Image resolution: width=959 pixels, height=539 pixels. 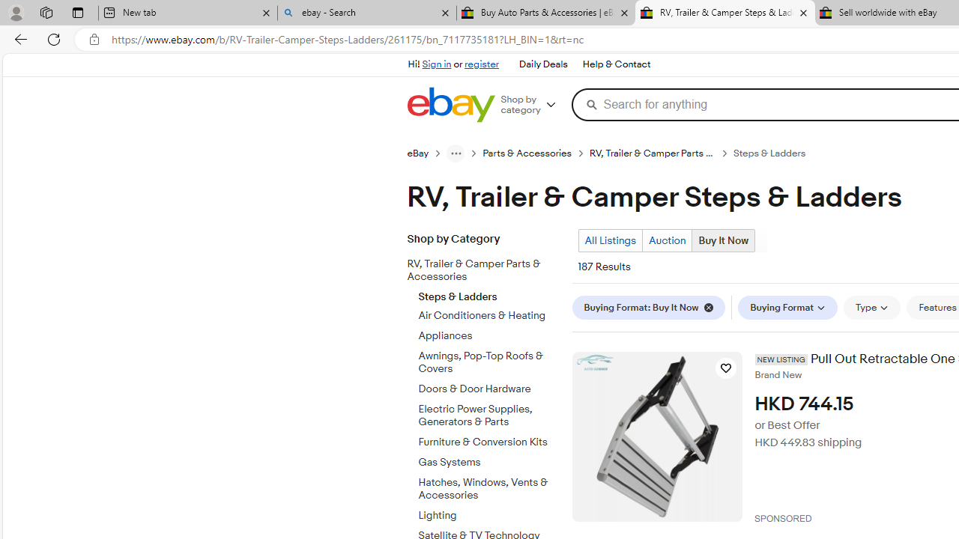 I want to click on 'Doors & Door Hardware', so click(x=489, y=389).